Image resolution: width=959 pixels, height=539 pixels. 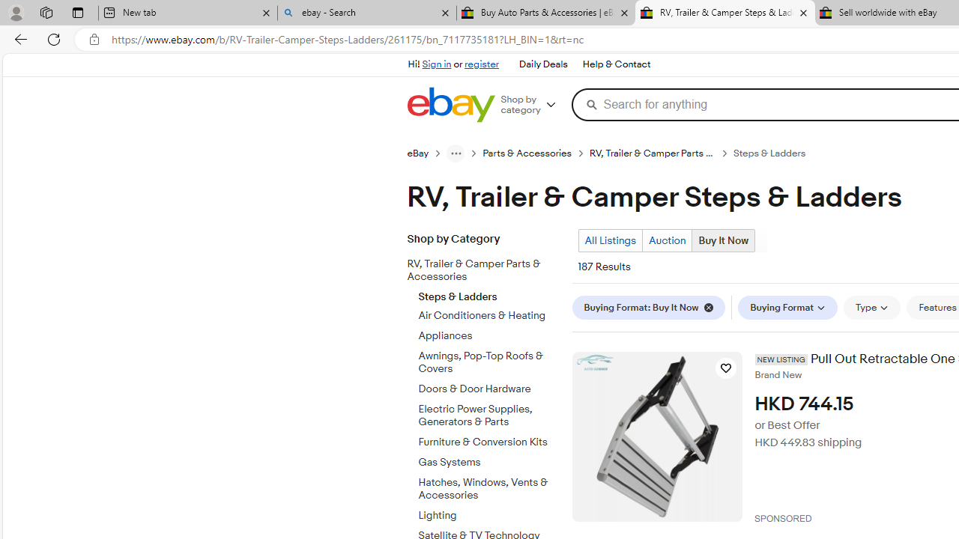 I want to click on 'Doors & Door Hardware', so click(x=489, y=389).